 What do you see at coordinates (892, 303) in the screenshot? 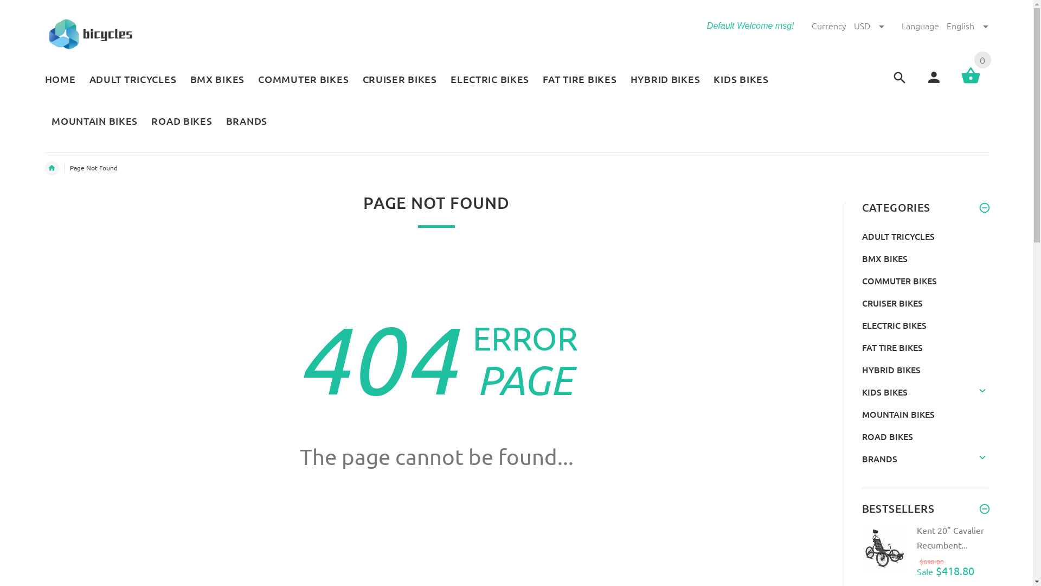
I see `'CRUISER BIKES'` at bounding box center [892, 303].